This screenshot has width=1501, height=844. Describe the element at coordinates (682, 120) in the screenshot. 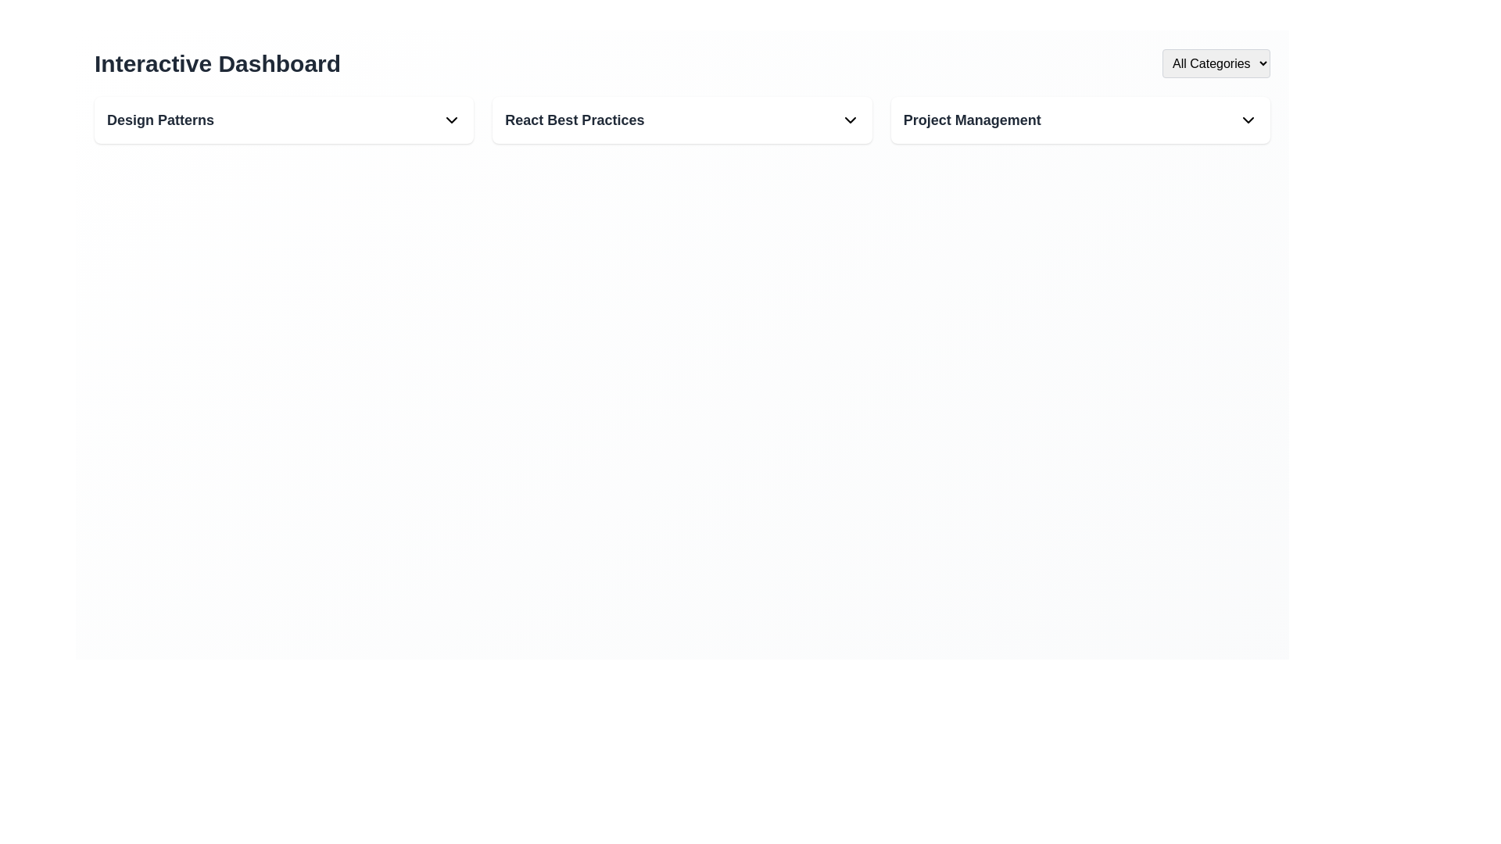

I see `the dropdown menu for 'React Best Practices' located between 'Design Patterns' and 'Project Management'` at that location.